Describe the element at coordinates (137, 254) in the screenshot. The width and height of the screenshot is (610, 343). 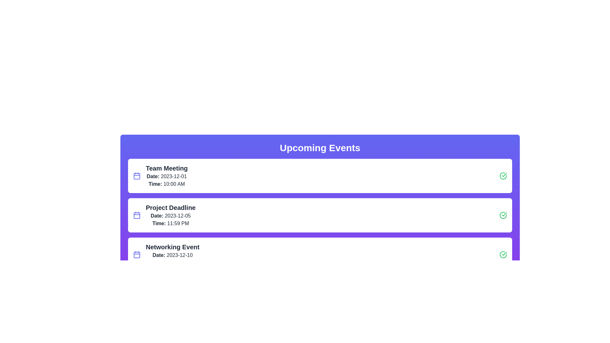
I see `the calendar icon element representing the date indicator for the 'Networking Event', which is styled in indigo and located next to the text 'Date: 2023-12-10'` at that location.